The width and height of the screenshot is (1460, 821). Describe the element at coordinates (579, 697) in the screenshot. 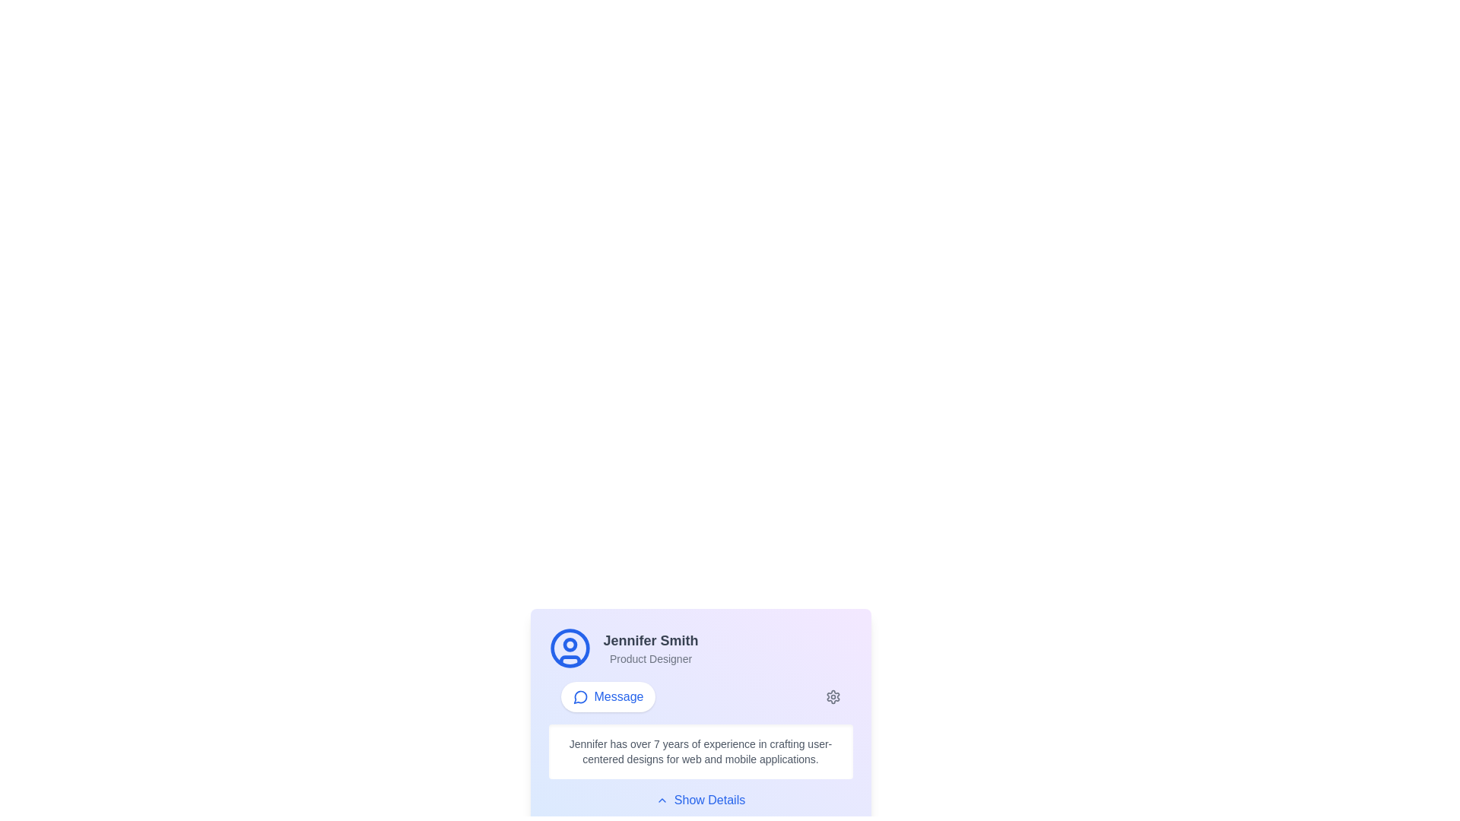

I see `the circular message bubble icon with a blue outline and a white interior, located inside the 'Message' button, positioned in the lower section of the user details card` at that location.